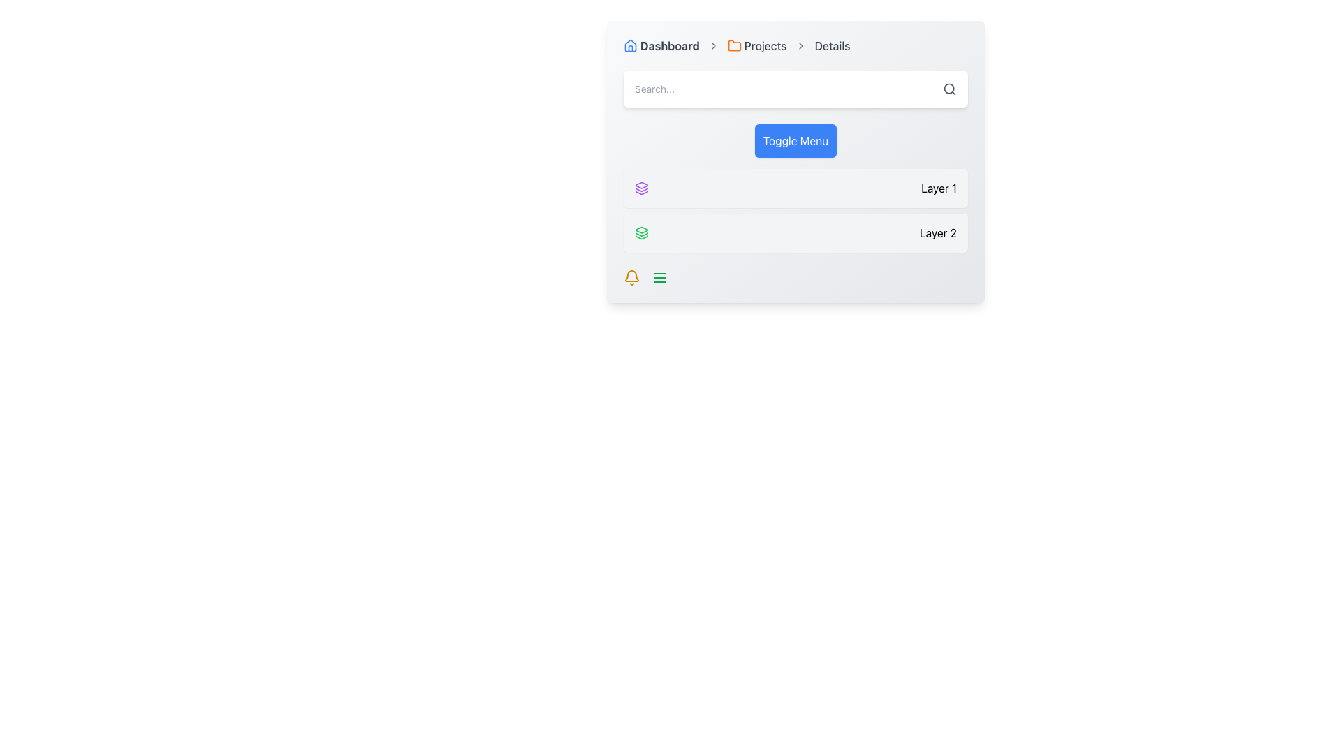  I want to click on the 'Projects' breadcrumb link, so click(756, 45).